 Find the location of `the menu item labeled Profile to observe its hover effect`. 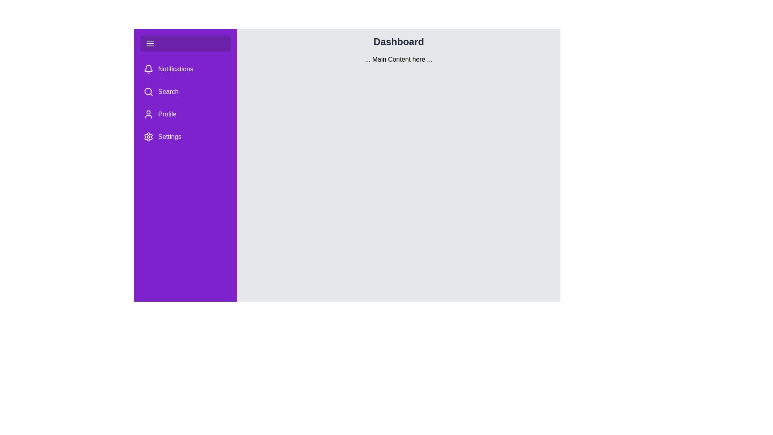

the menu item labeled Profile to observe its hover effect is located at coordinates (185, 114).